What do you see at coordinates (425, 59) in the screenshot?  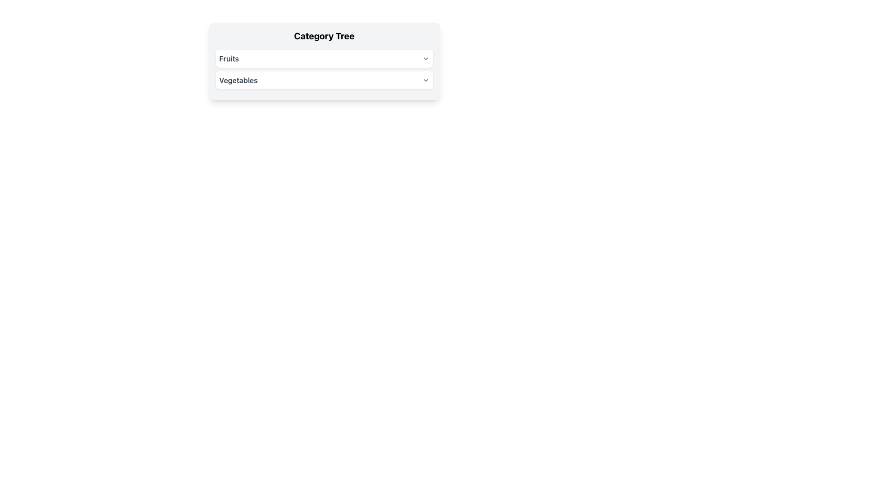 I see `the small chevron-down arrow icon located to the right of the 'Fruits' label within the 'Fruits' selection item` at bounding box center [425, 59].